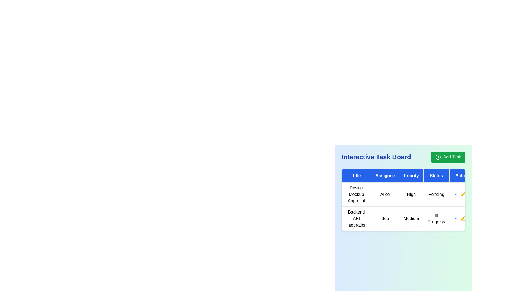  I want to click on the non-interactive informational label indicating the current status 'Pending' for the task 'Design Mockup Approval', located in the first row under the 'Status' column, so click(436, 194).